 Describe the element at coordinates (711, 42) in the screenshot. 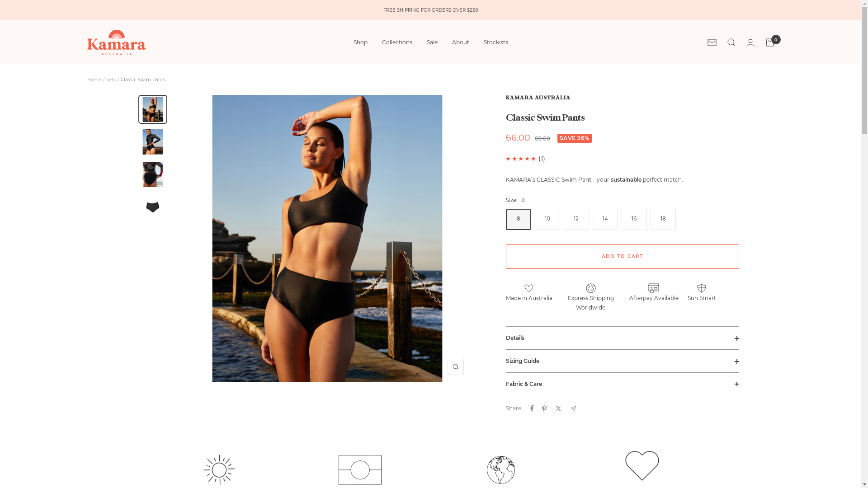

I see `'Newsletter'` at that location.